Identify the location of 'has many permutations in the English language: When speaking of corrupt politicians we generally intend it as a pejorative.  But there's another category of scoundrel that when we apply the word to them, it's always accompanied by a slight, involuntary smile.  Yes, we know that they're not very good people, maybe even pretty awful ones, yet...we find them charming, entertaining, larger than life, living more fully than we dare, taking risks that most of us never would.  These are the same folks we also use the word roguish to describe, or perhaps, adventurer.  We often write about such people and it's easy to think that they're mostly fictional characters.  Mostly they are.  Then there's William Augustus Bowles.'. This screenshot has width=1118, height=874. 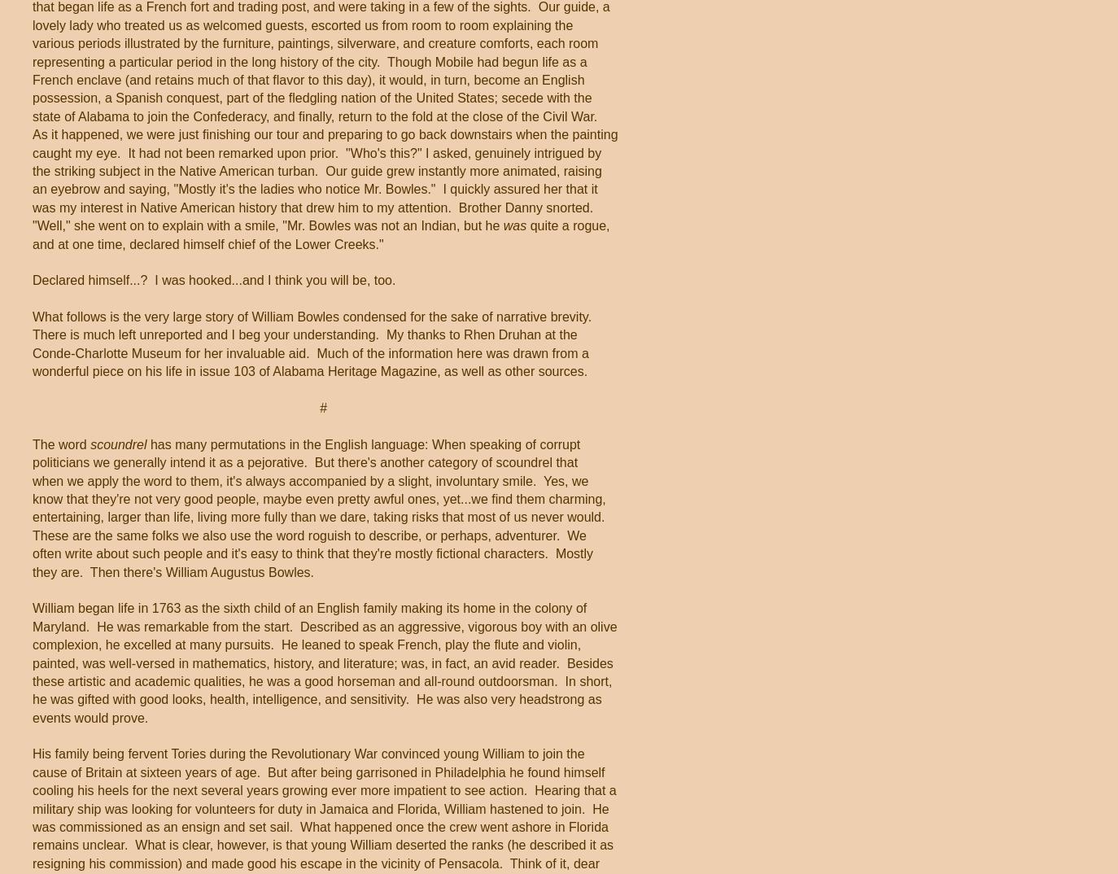
(320, 507).